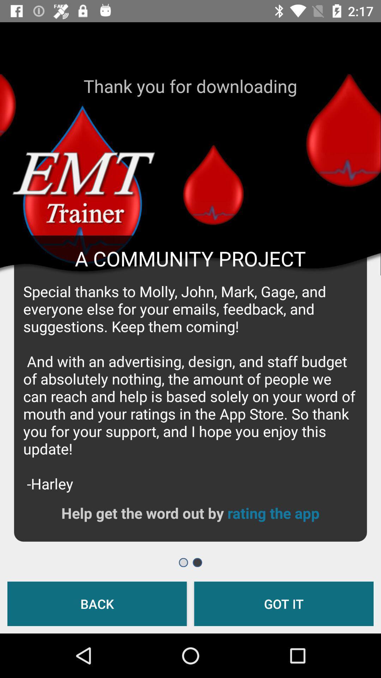  I want to click on the item next to help get the item, so click(273, 513).